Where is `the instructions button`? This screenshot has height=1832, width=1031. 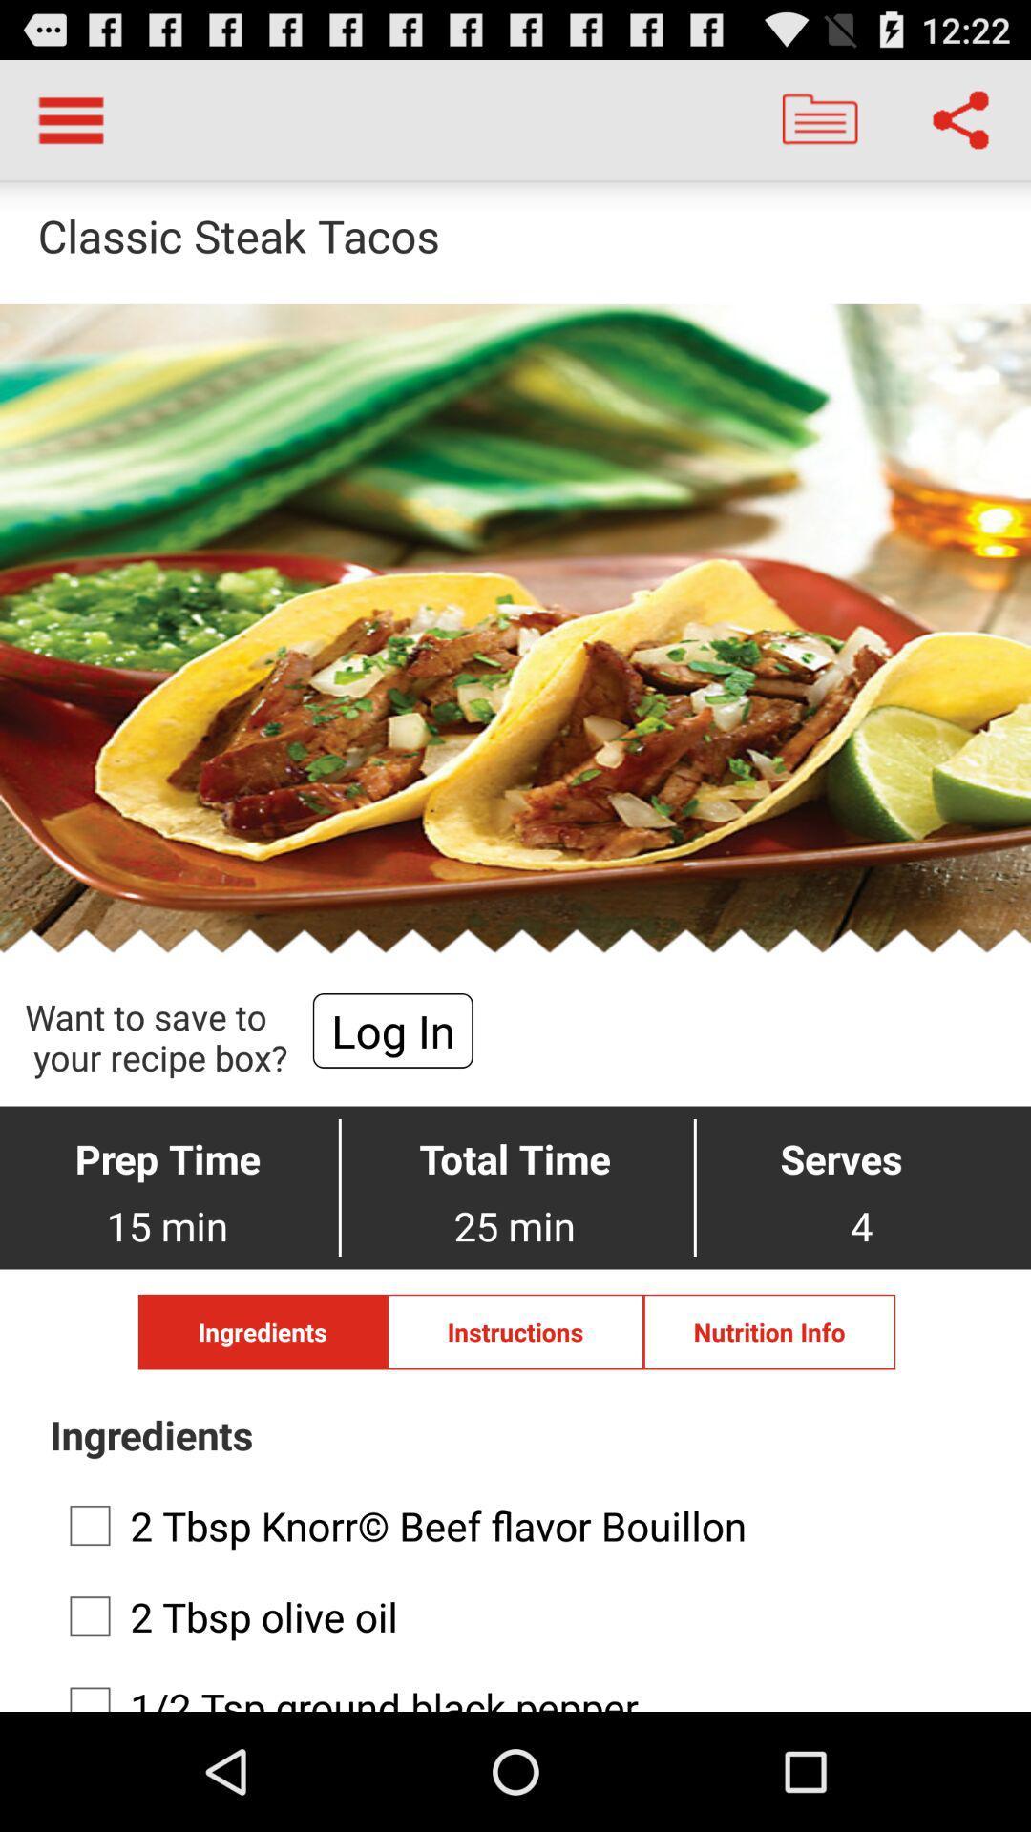 the instructions button is located at coordinates (515, 1331).